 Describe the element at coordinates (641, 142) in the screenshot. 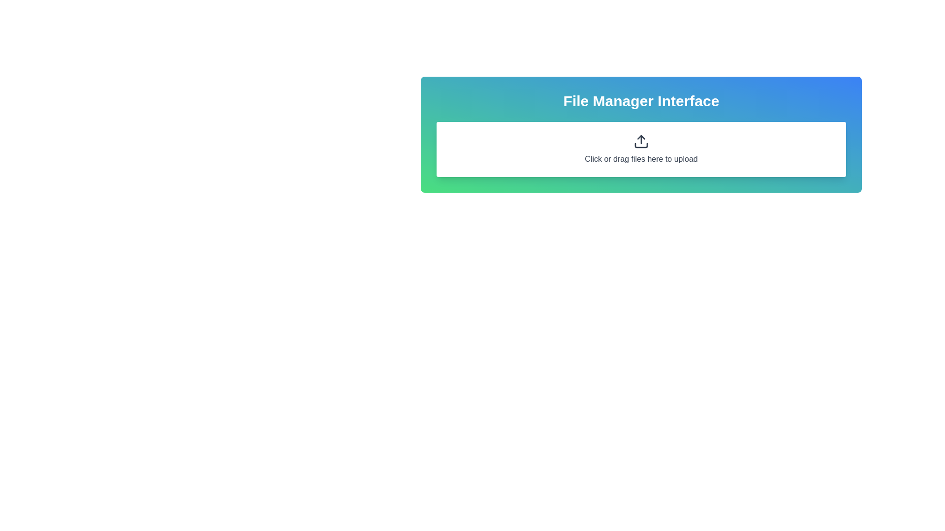

I see `the upward arrow icon, which is styled with a thick black outline and symbolizes an upload action, located within the rectangle labeled 'Click or drag files here to upload'` at that location.